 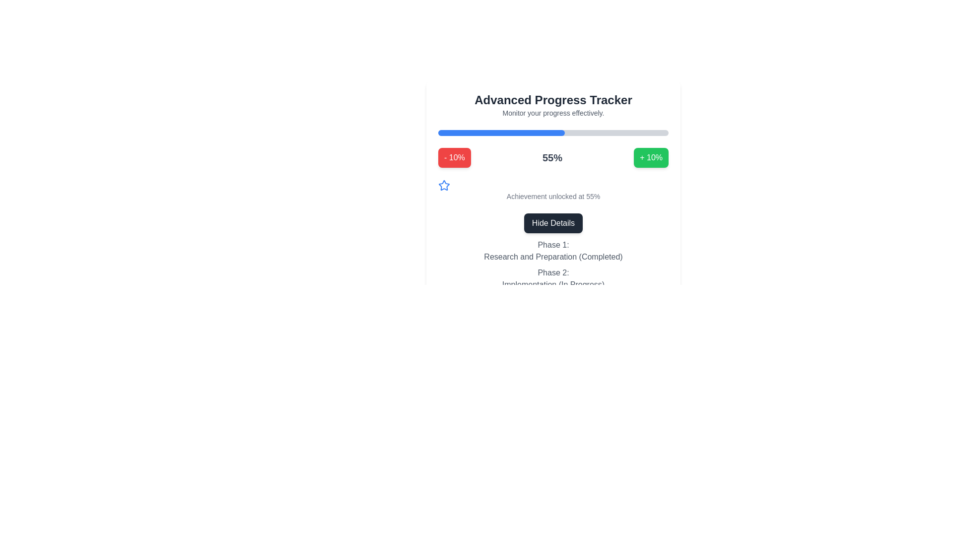 I want to click on the static text that indicates a milestone or achievement progress, stating it is unlocked at 55%, so click(x=552, y=197).